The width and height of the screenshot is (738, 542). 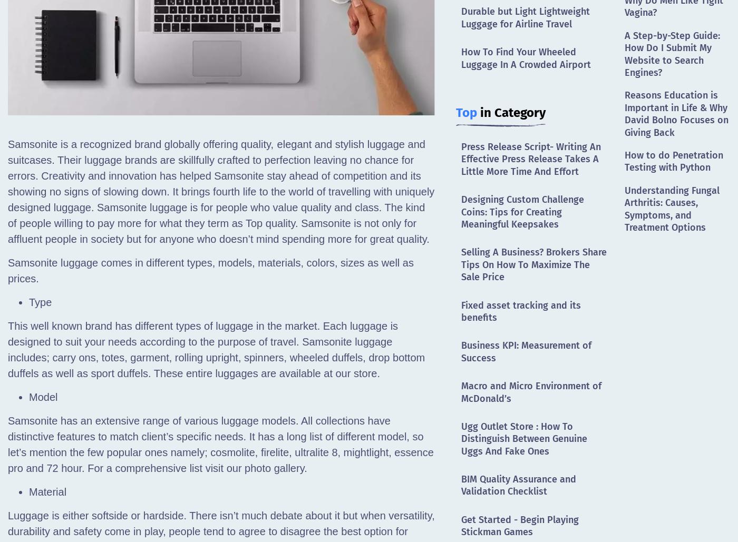 What do you see at coordinates (525, 17) in the screenshot?
I see `'Durable but Light Lightweight Luggage for Airline Travel'` at bounding box center [525, 17].